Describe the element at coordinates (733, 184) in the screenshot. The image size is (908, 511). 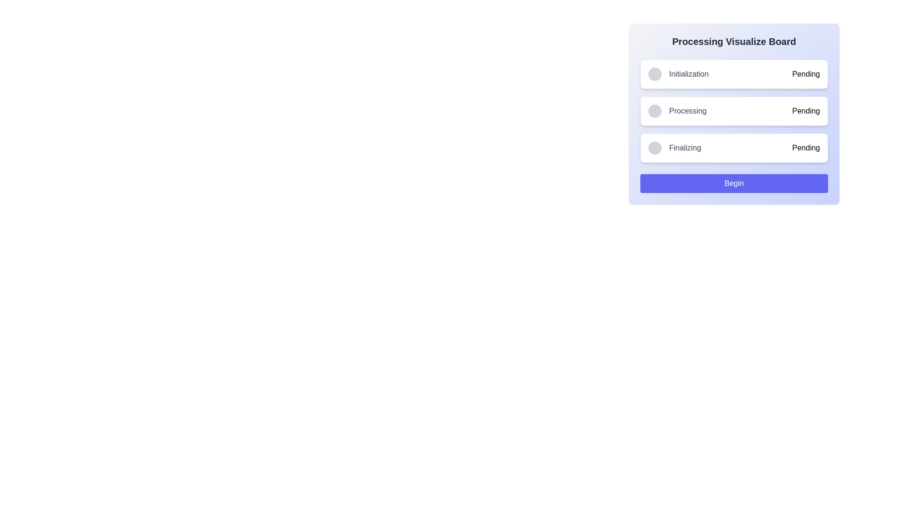
I see `the blue rectangular button labeled 'Begin' located at the bottom of the 'Processing Visualize Board' panel to trigger the hover effect that changes its background color` at that location.